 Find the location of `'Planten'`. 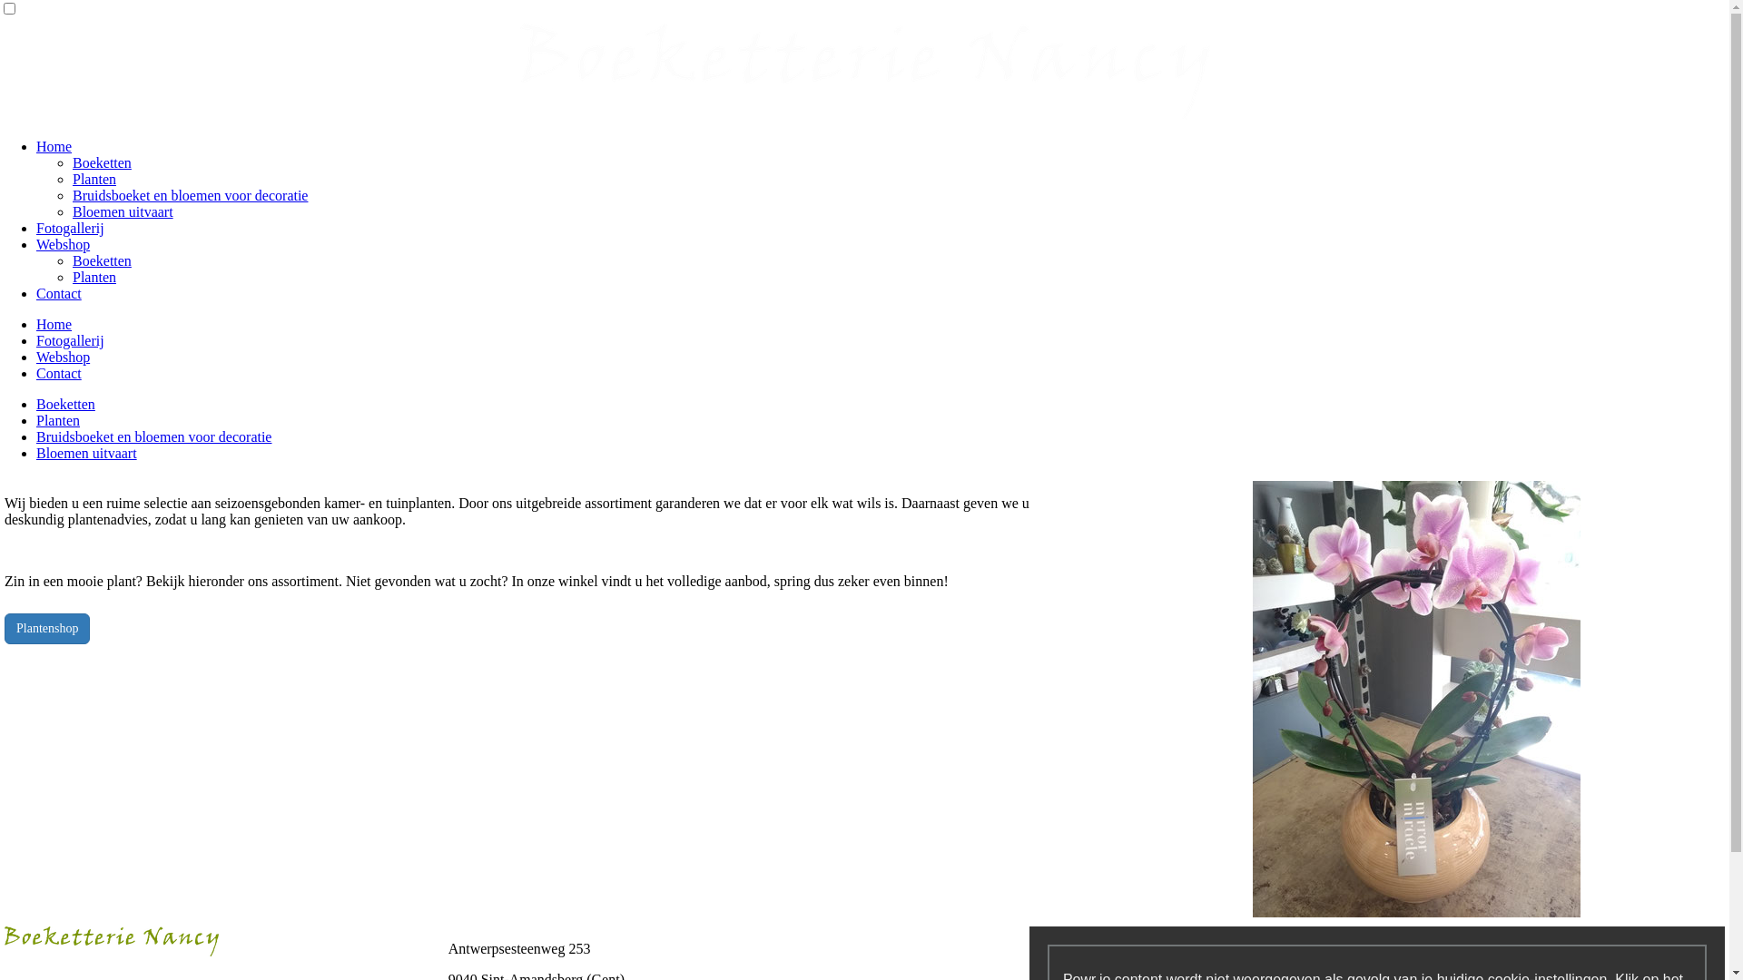

'Planten' is located at coordinates (94, 277).